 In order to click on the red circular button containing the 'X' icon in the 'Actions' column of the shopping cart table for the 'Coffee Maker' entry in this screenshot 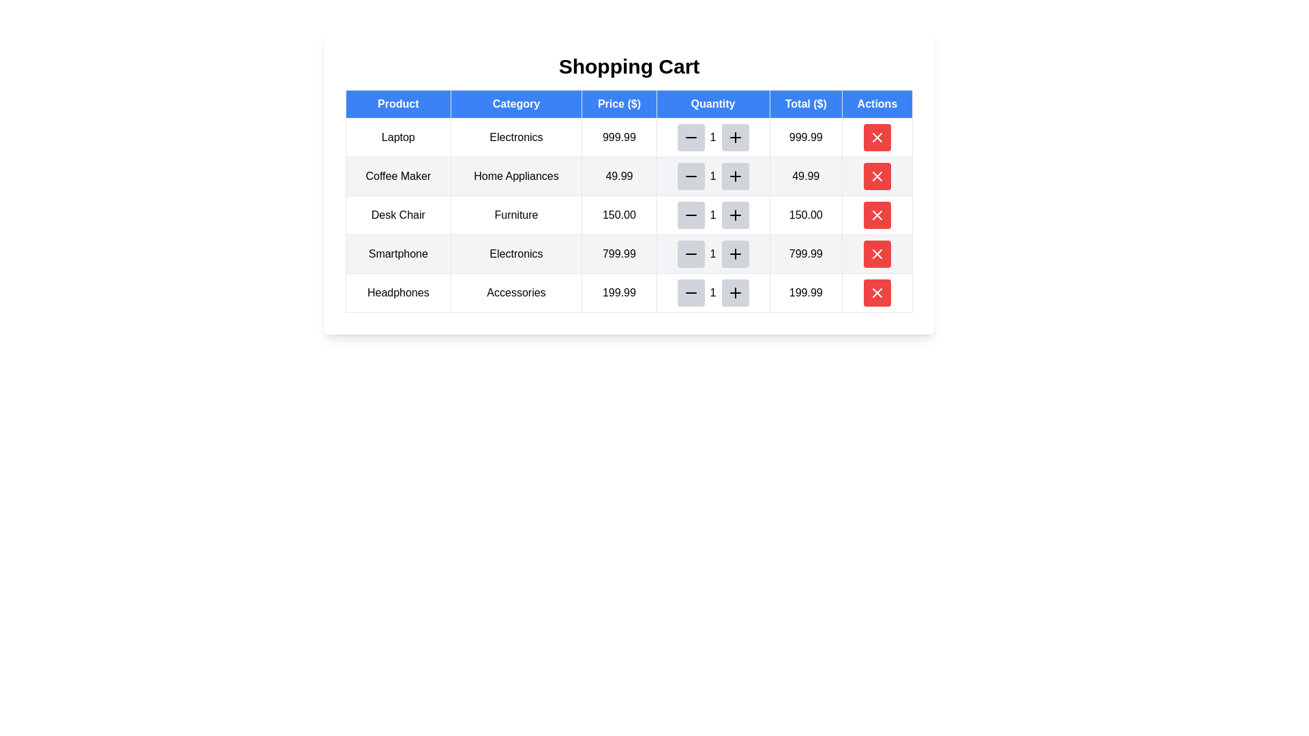, I will do `click(877, 175)`.